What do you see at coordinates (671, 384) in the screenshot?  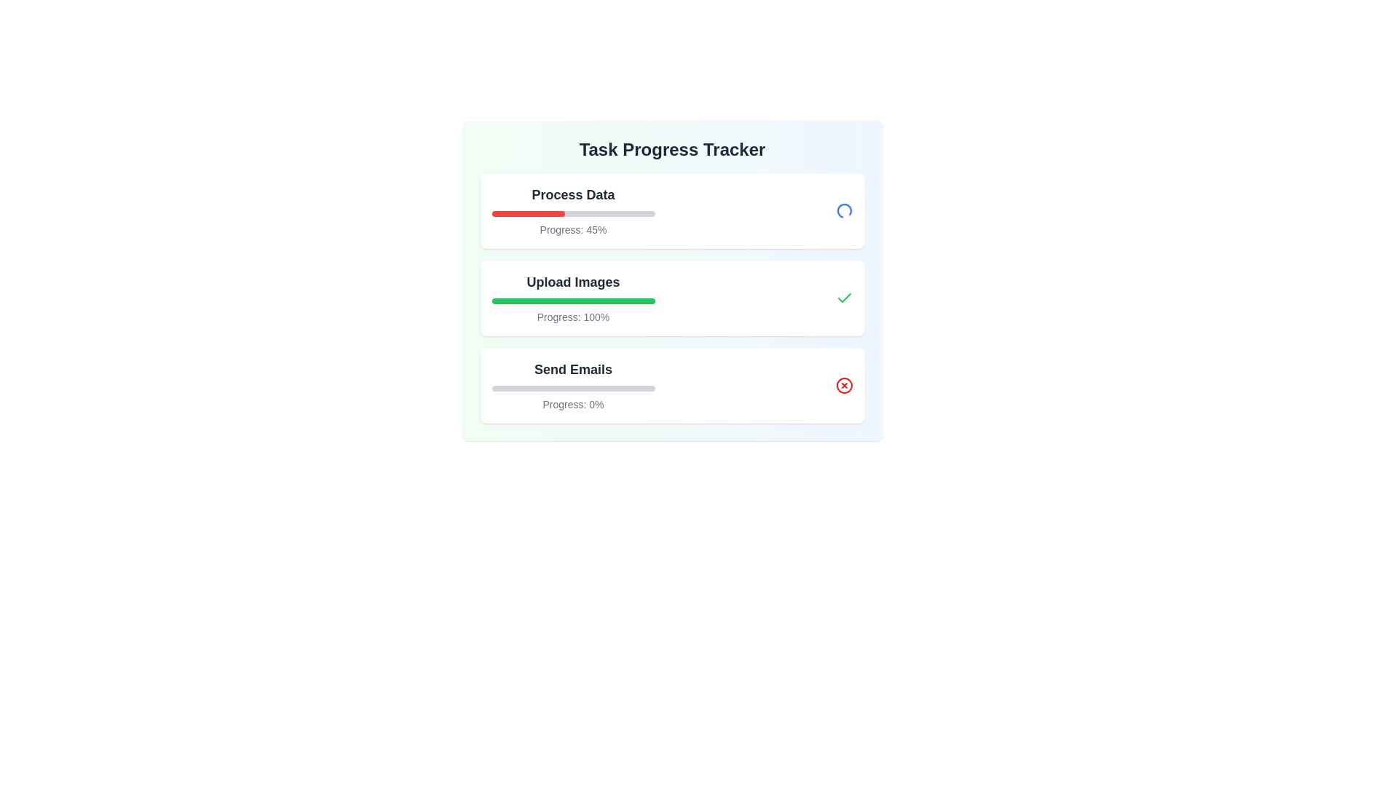 I see `the Progress tracker item indicating the progress state of the 'Send Emails' task, located at the bottom of the Task Progress Tracker list` at bounding box center [671, 384].